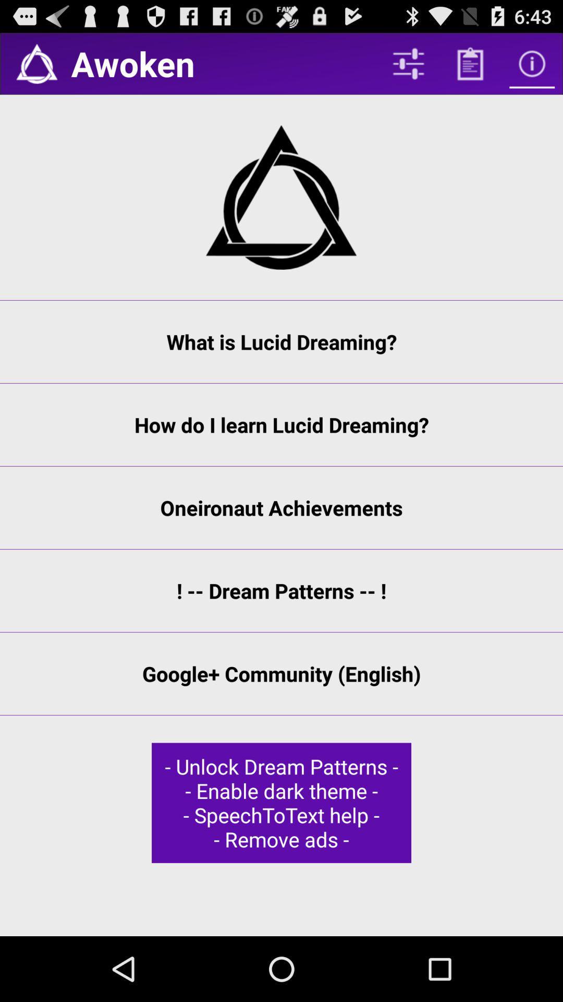 Image resolution: width=563 pixels, height=1002 pixels. I want to click on the item below the ! -- dream patterns -- ! icon, so click(281, 674).